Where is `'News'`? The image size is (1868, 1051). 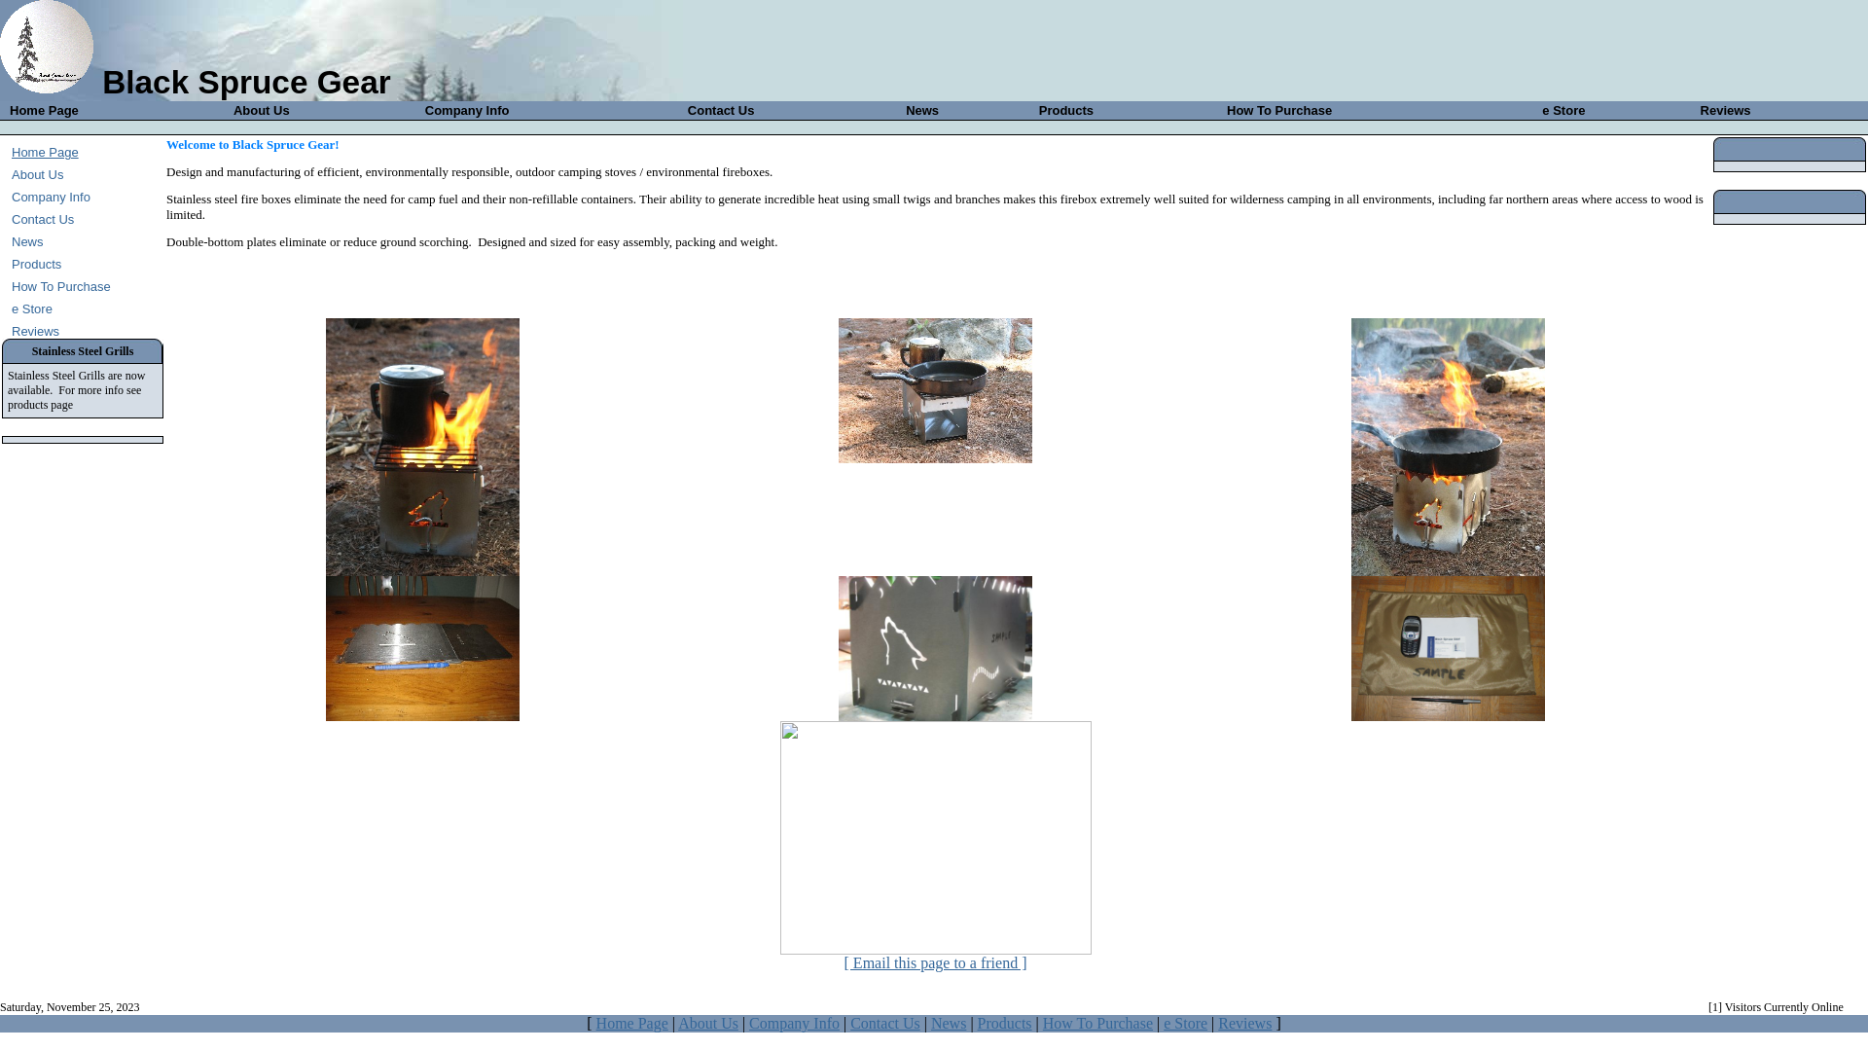 'News' is located at coordinates (921, 110).